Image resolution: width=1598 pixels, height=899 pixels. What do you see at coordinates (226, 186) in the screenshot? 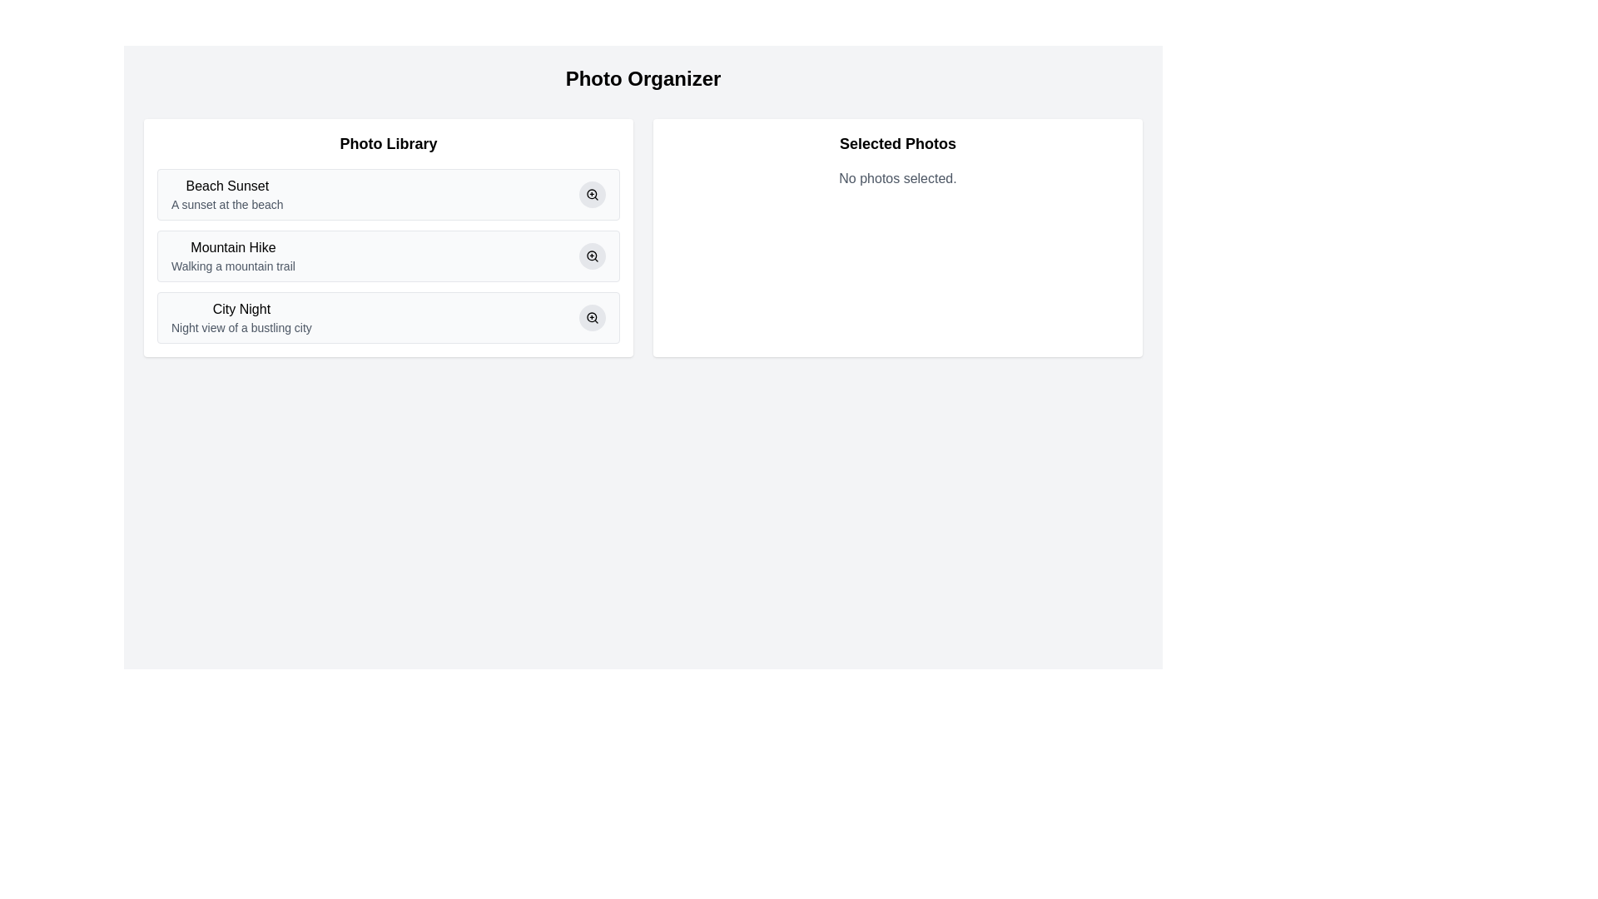
I see `the 'Beach Sunset' text label located at the top-left of the card in the 'Photo Library' section to trigger a tooltip` at bounding box center [226, 186].